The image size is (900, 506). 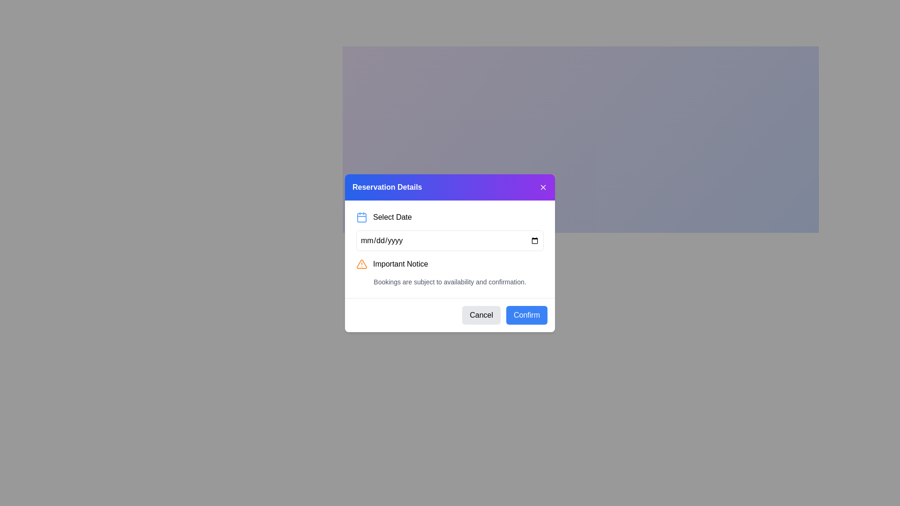 What do you see at coordinates (450, 186) in the screenshot?
I see `the Header bar of the modal` at bounding box center [450, 186].